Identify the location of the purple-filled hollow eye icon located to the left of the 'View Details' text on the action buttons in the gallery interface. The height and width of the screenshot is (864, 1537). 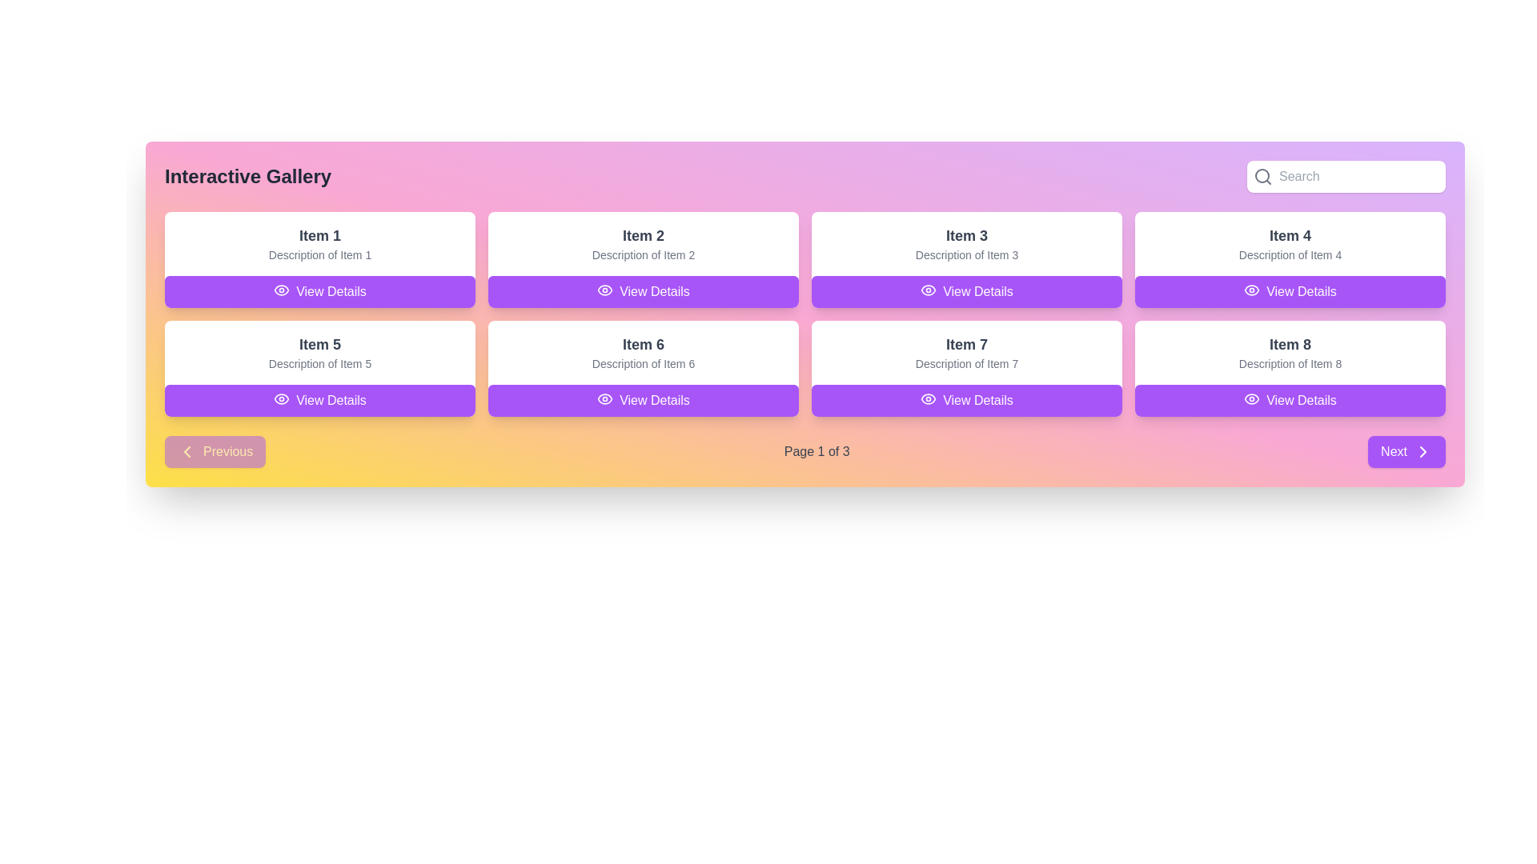
(1251, 398).